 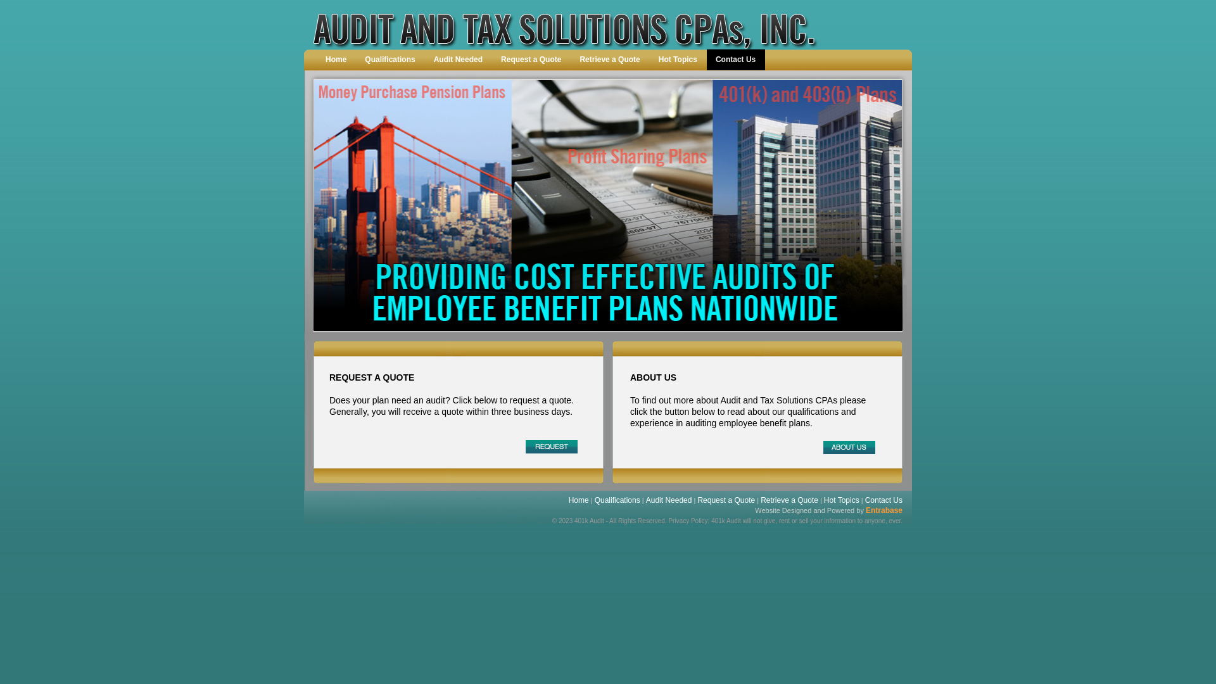 I want to click on 'Home', so click(x=336, y=60).